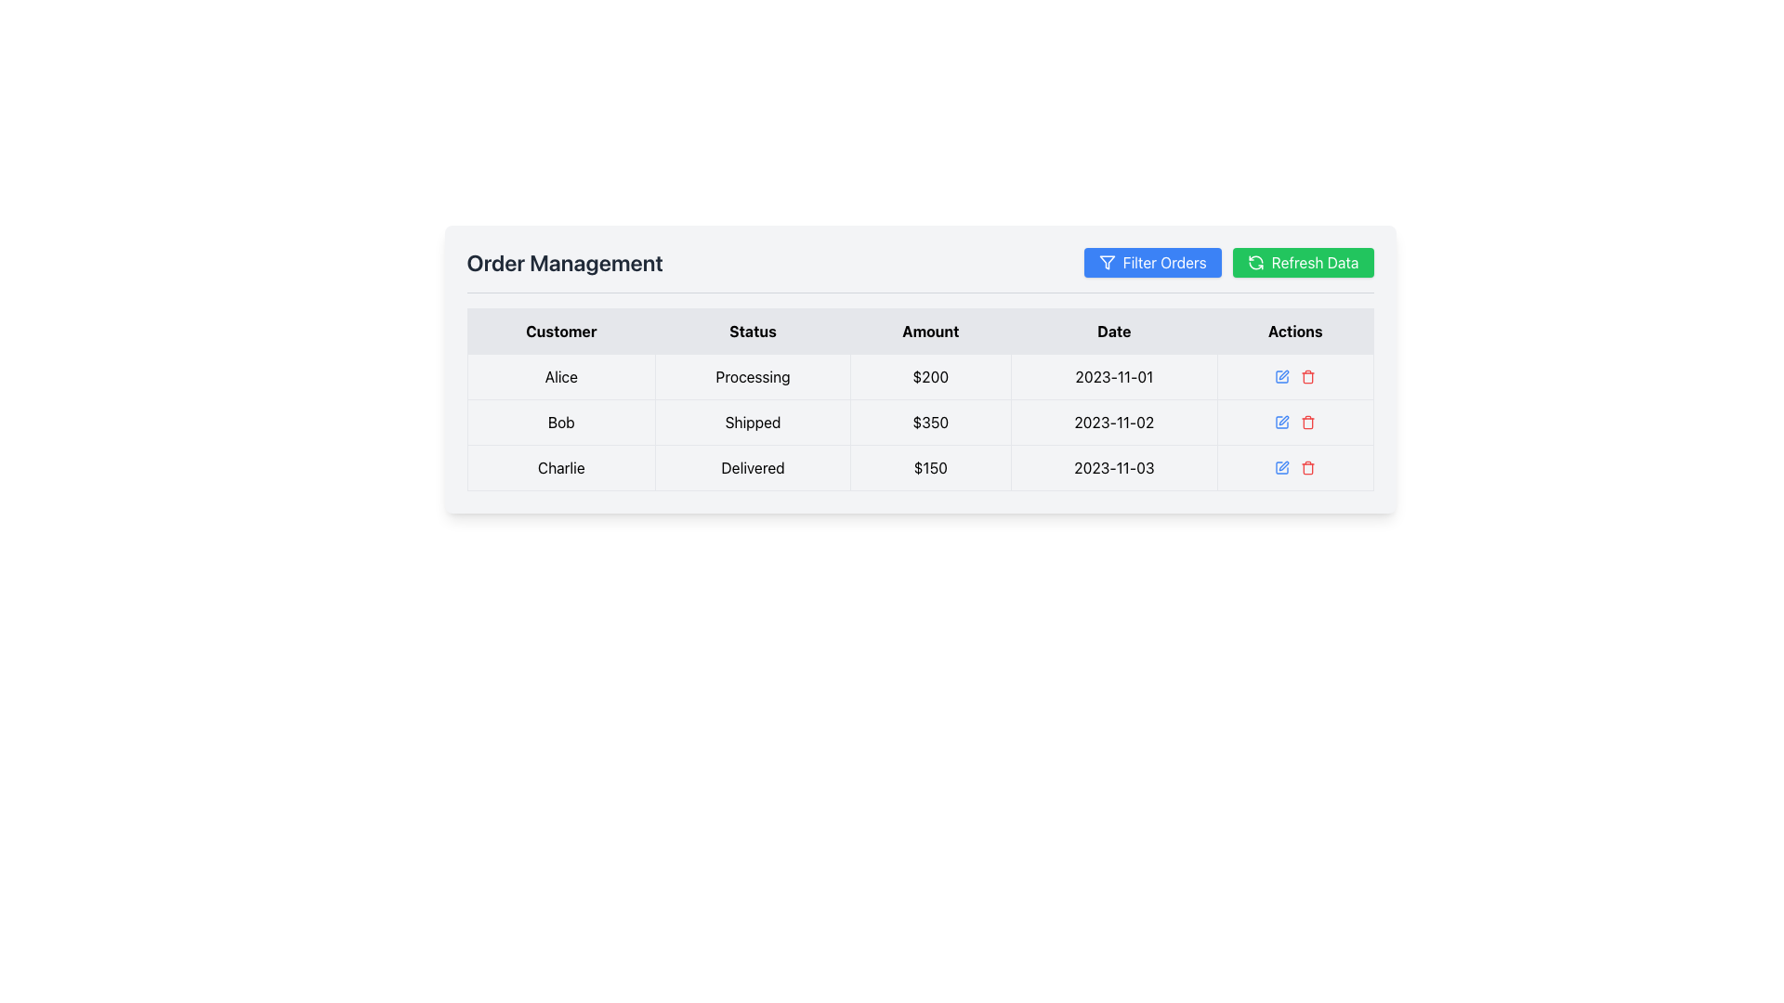 This screenshot has height=1003, width=1784. I want to click on the 'Date' table cell in the second row corresponding to the customer 'Bob', so click(1114, 423).